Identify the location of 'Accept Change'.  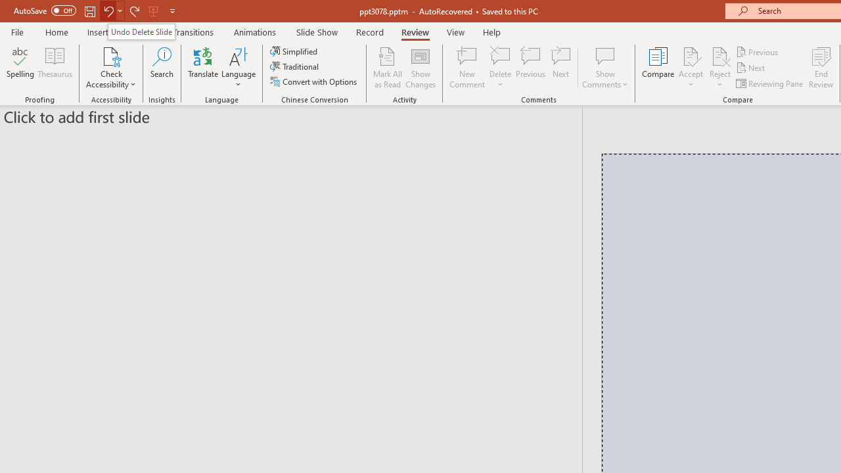
(690, 55).